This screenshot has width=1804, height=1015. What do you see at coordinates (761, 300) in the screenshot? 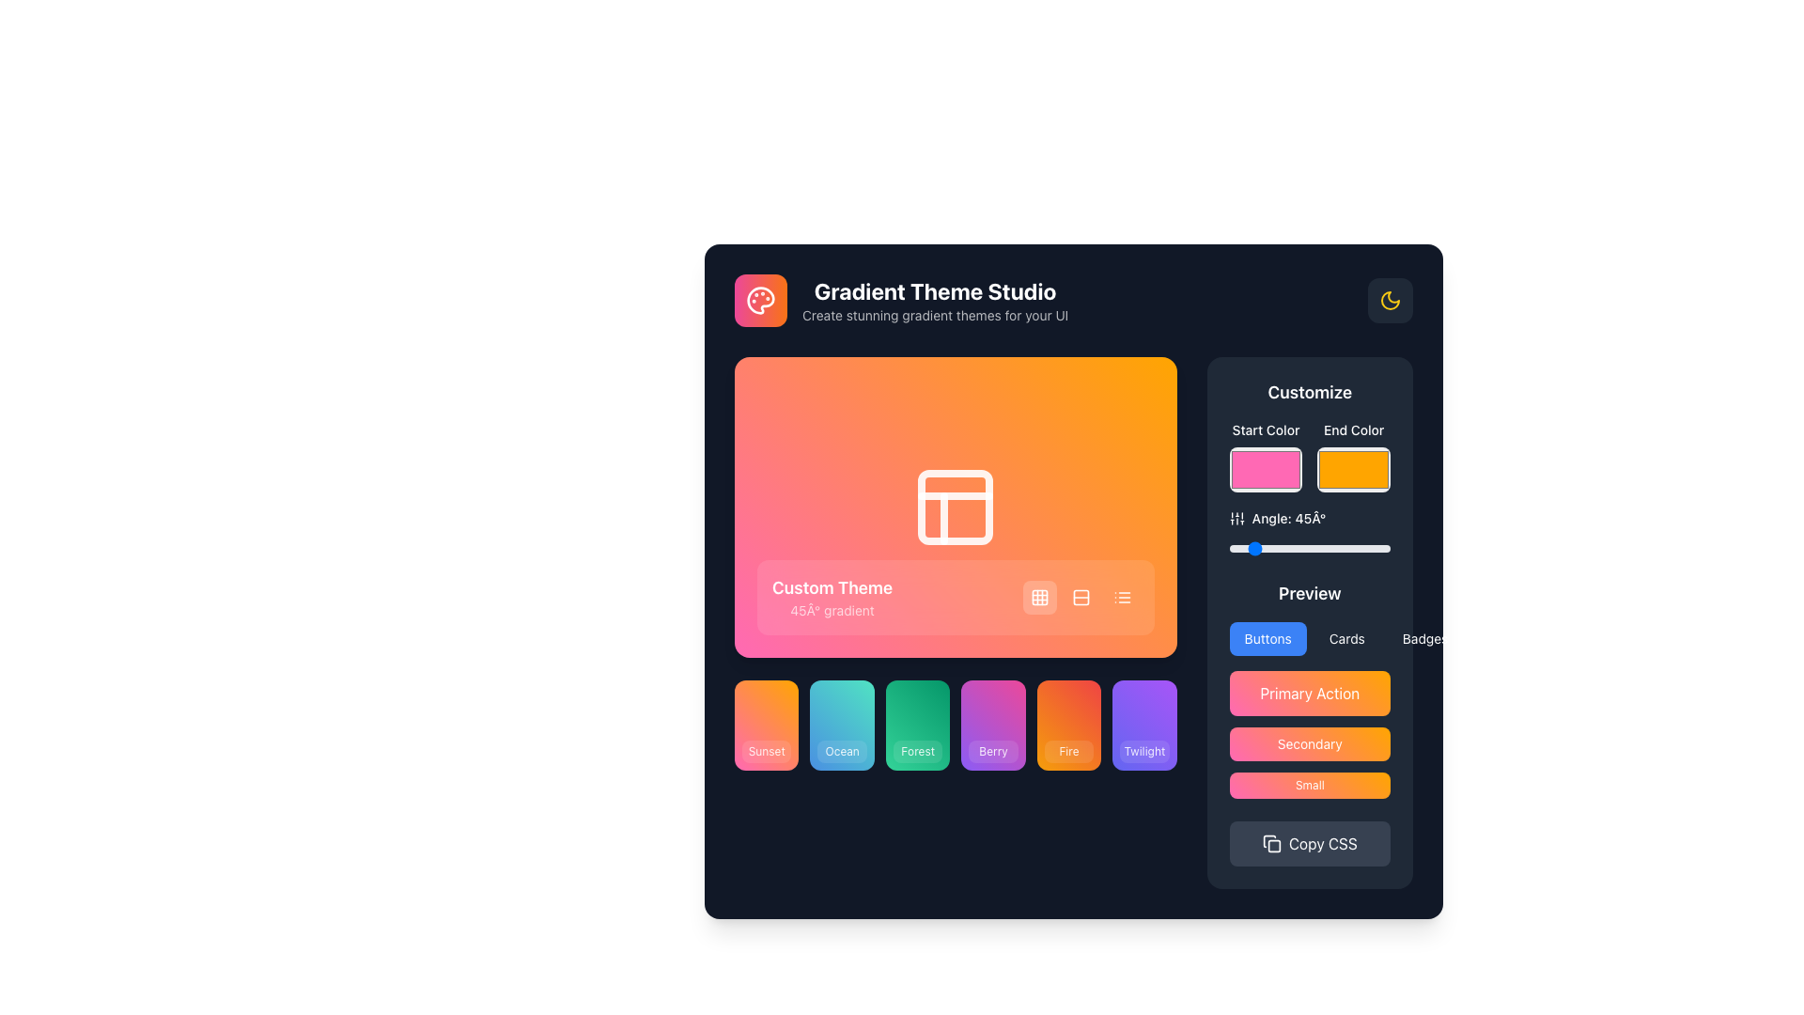
I see `the painter's palette icon located in the top-left corner of the interface, adjacent to the title 'Gradient Theme Studio'` at bounding box center [761, 300].